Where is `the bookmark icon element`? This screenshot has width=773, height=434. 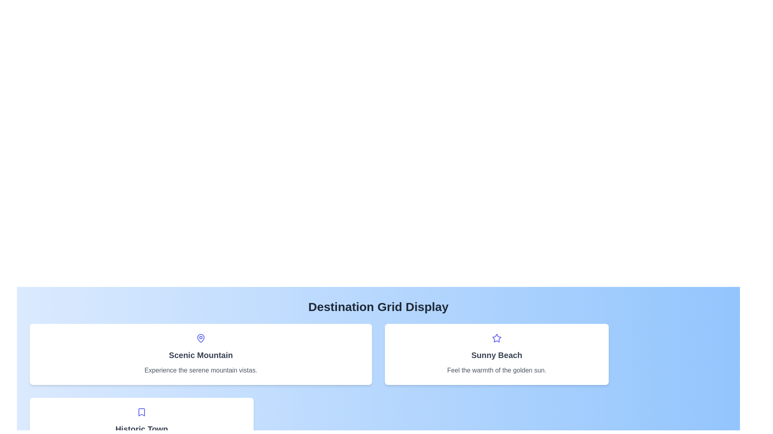 the bookmark icon element is located at coordinates (141, 412).